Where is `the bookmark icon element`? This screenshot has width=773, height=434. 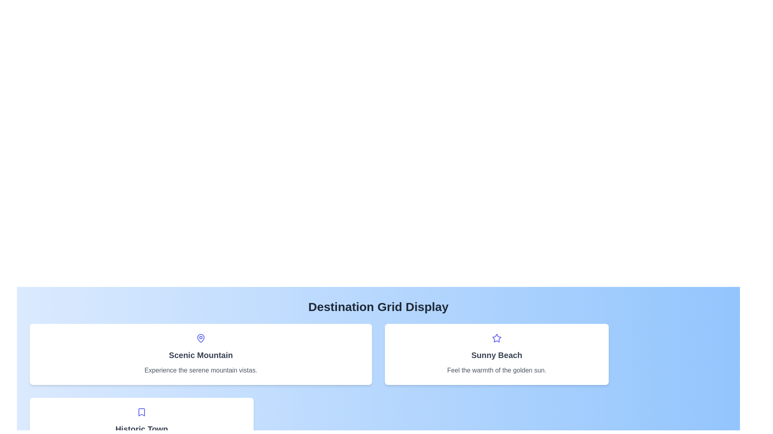 the bookmark icon element is located at coordinates (141, 412).